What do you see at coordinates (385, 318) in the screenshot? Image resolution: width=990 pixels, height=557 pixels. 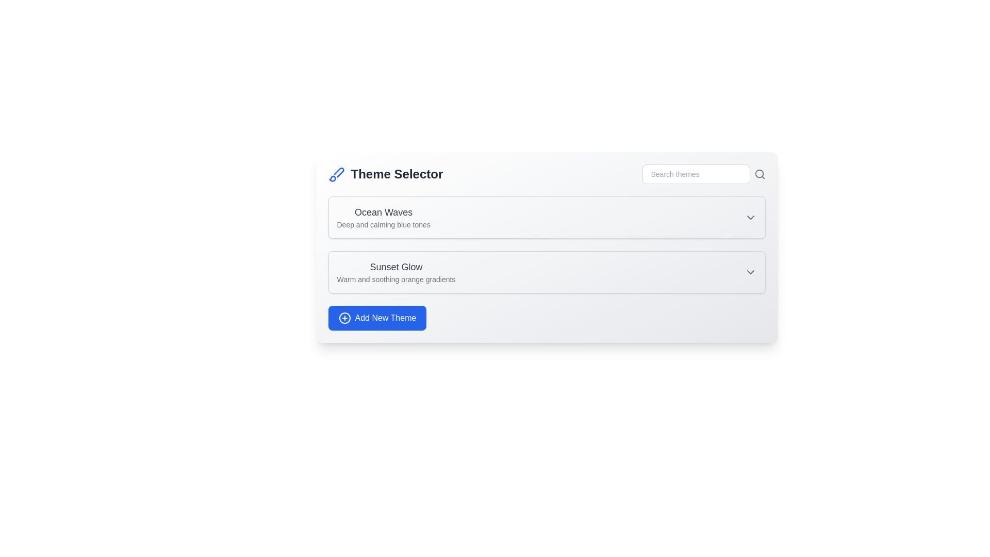 I see `the 'Add New Theme' button, which is a blue button with white text at the bottom center of the interface` at bounding box center [385, 318].